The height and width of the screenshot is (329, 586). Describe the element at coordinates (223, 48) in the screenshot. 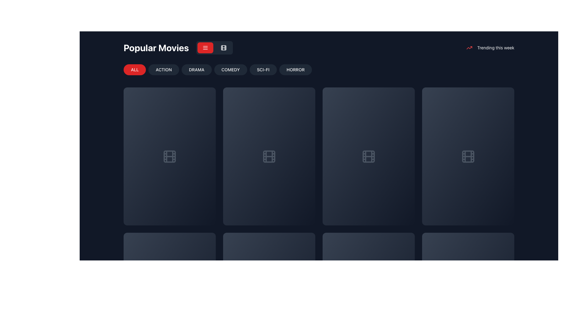

I see `the video reel icon located on the right side of a group of two icons in the top navigation bar to trigger a tooltip or visual feedback` at that location.